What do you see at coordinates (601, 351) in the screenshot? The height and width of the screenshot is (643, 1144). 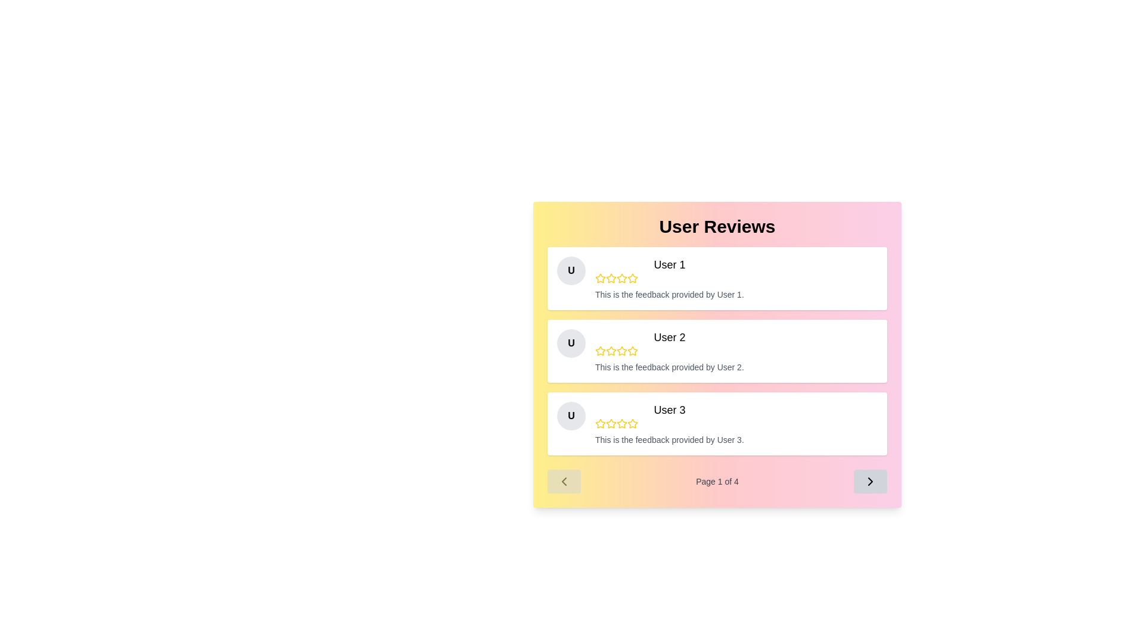 I see `the first yellow star icon in the user review section, which is part of a sequence of five stars representing a rating, located in the second card of the user review section` at bounding box center [601, 351].